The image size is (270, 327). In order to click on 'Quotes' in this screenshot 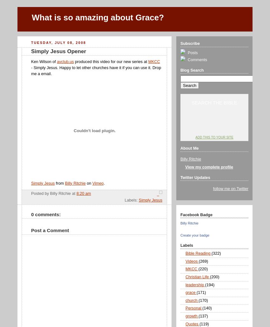, I will do `click(192, 323)`.